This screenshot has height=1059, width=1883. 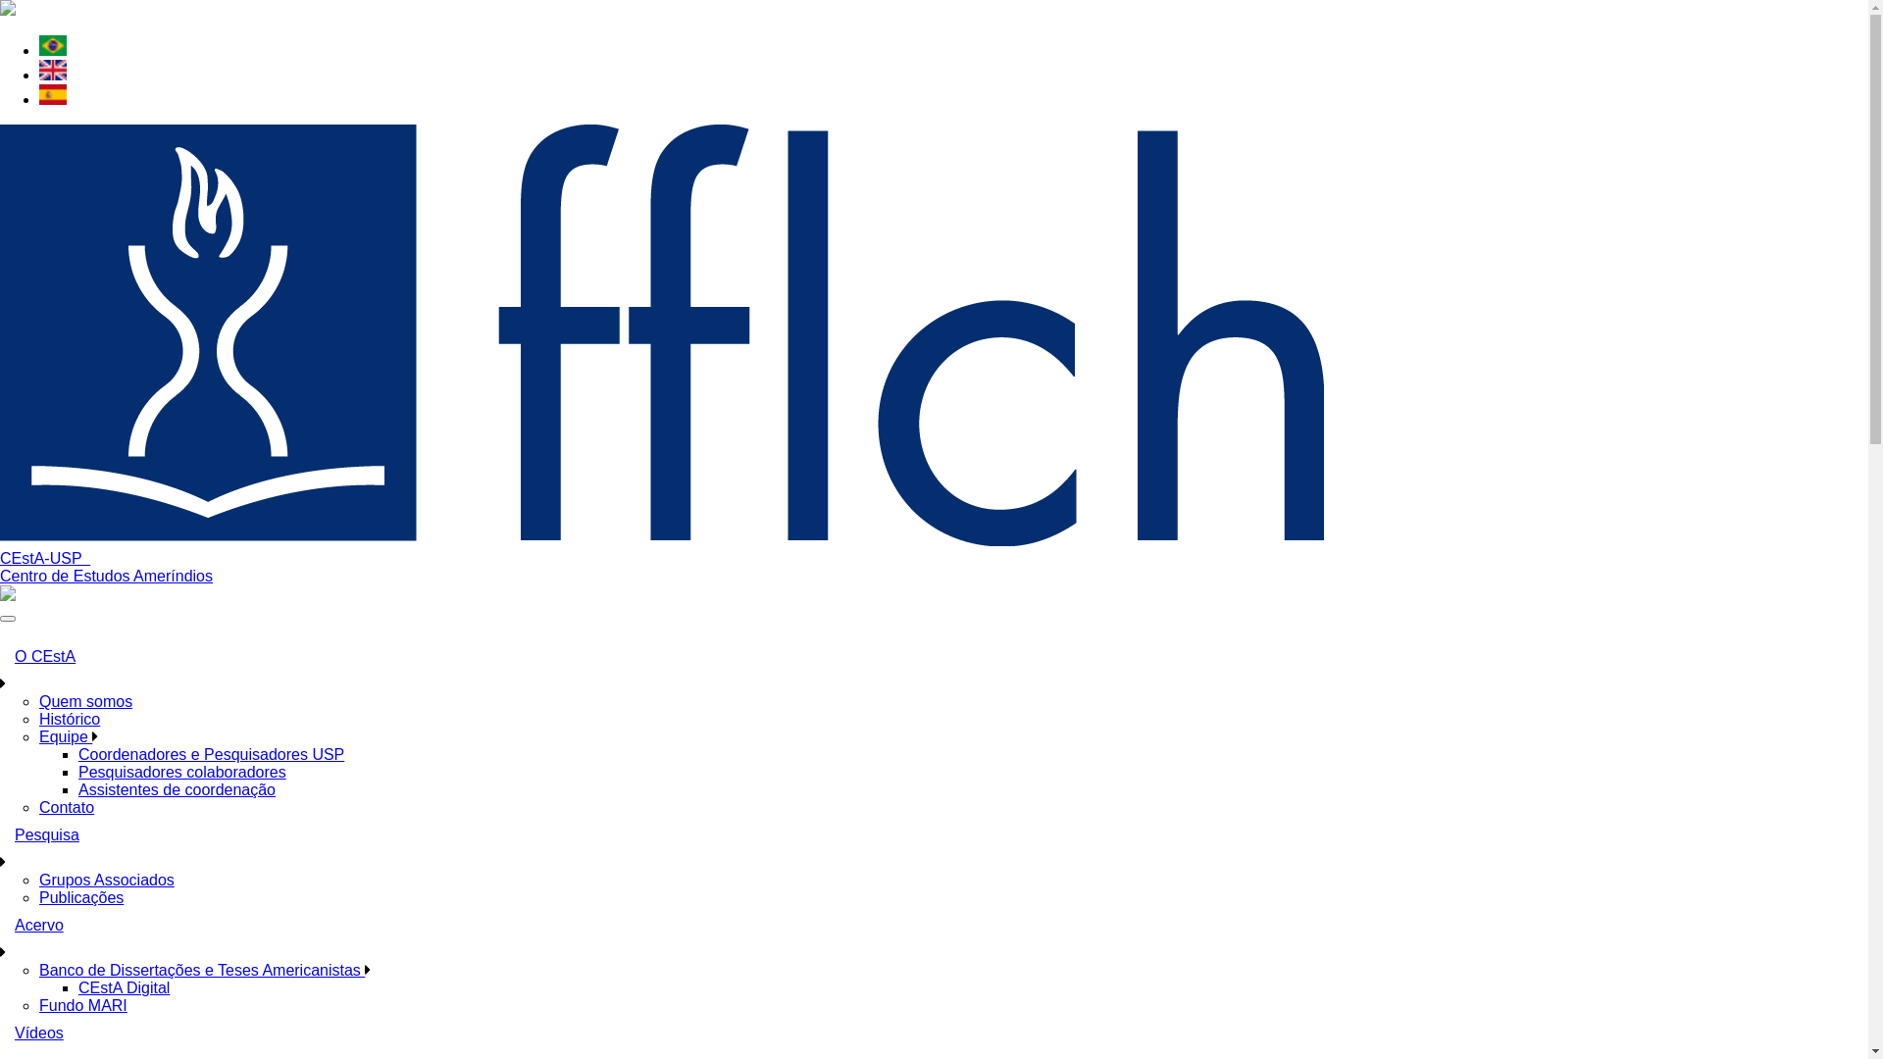 What do you see at coordinates (182, 771) in the screenshot?
I see `'Pesquisadores colaboradores'` at bounding box center [182, 771].